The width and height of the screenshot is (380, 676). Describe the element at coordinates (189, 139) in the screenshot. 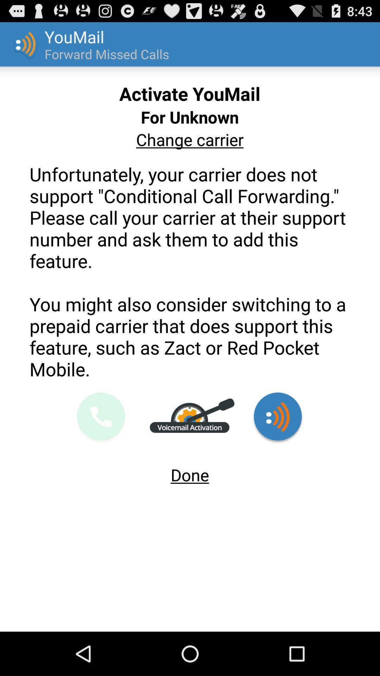

I see `item above unfortunately your carrier item` at that location.